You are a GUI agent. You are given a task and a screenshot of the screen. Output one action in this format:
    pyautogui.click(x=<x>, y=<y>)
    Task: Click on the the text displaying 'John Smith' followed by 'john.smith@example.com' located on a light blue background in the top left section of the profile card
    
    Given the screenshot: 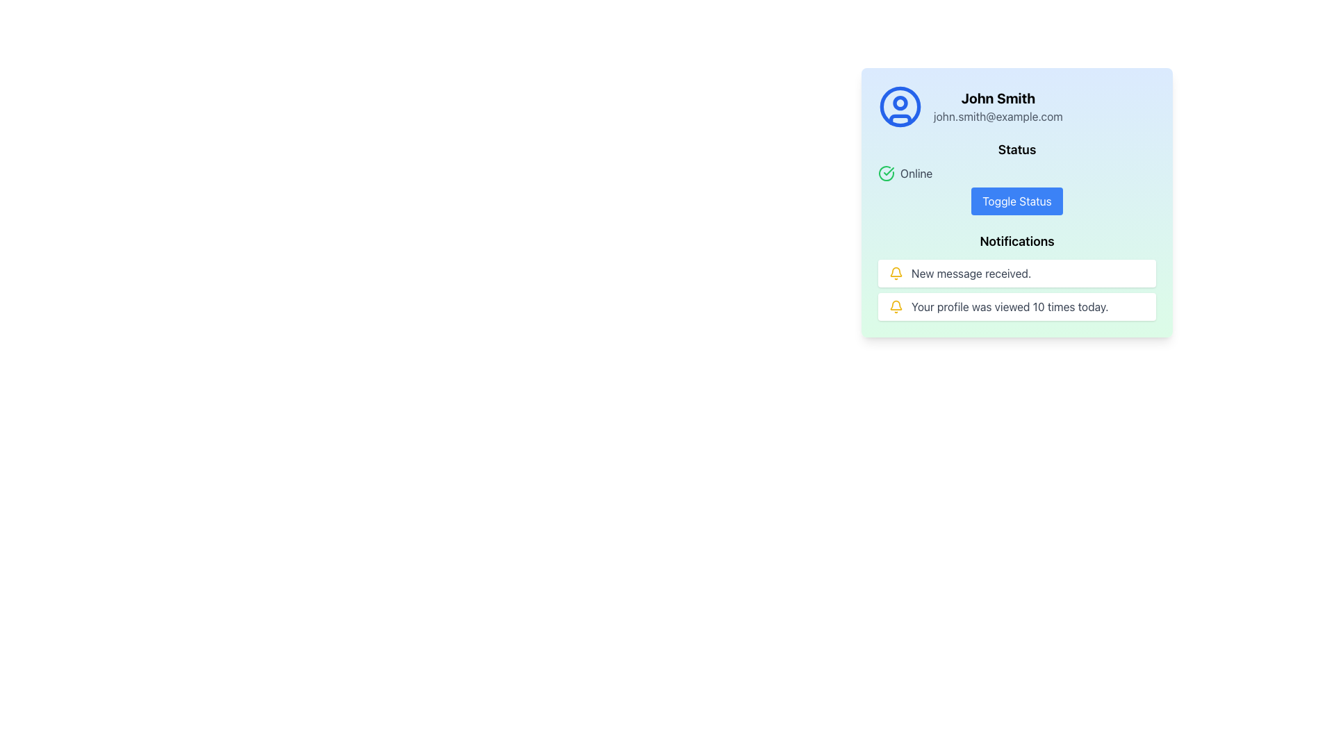 What is the action you would take?
    pyautogui.click(x=997, y=106)
    